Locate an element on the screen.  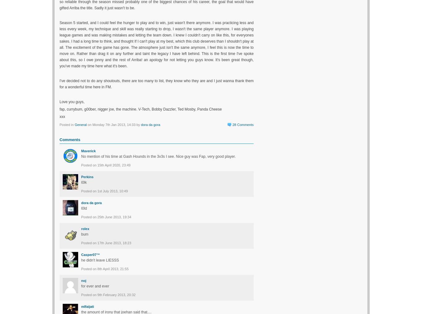
'Posted on 9th February 2013, 20:32' is located at coordinates (108, 294).